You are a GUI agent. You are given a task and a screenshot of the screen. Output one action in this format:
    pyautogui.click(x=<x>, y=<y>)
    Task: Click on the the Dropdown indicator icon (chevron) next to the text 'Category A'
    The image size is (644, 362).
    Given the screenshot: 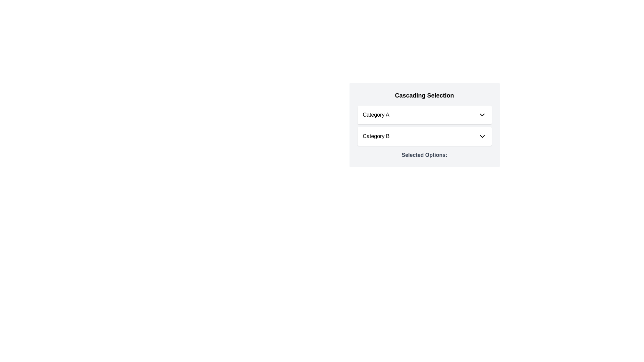 What is the action you would take?
    pyautogui.click(x=482, y=115)
    